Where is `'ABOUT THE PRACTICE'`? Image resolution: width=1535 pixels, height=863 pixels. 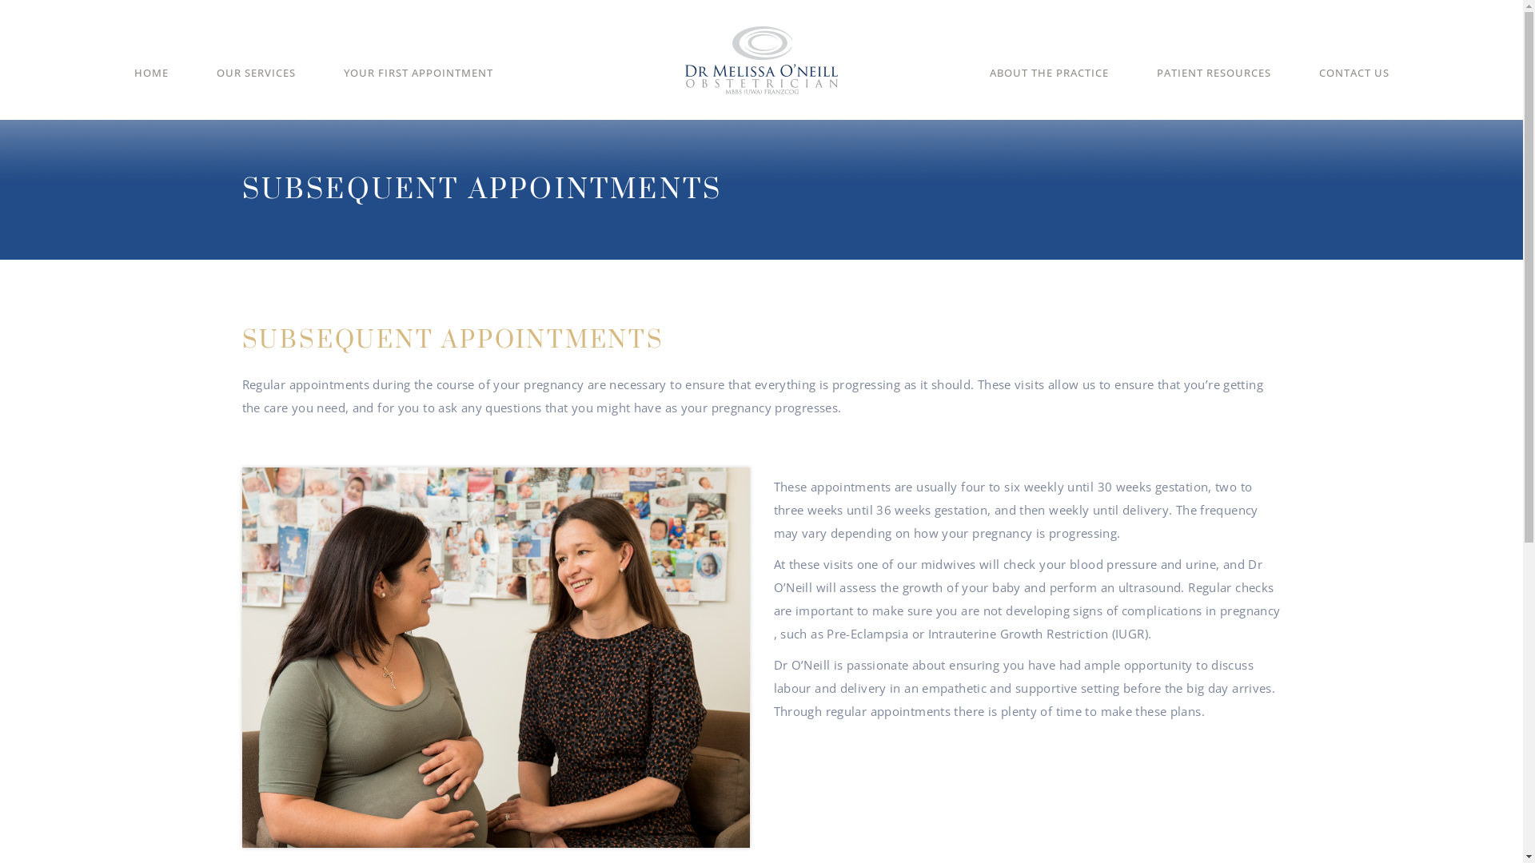 'ABOUT THE PRACTICE' is located at coordinates (1049, 84).